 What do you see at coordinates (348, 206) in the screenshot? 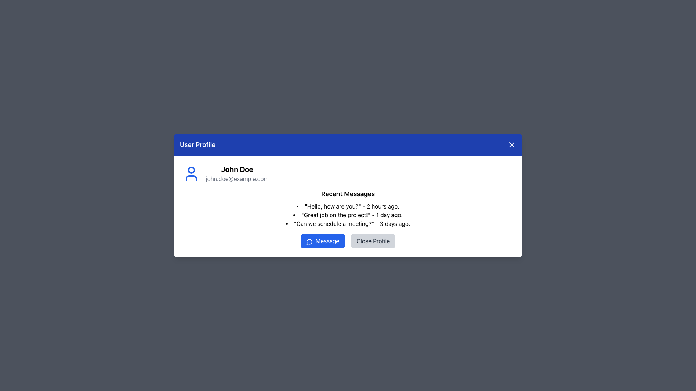
I see `the first entry in the vertical list of messages, which displays the text 'Hello, how are you?' - 2 hours ago, located beneath the 'Recent Messages' header` at bounding box center [348, 206].